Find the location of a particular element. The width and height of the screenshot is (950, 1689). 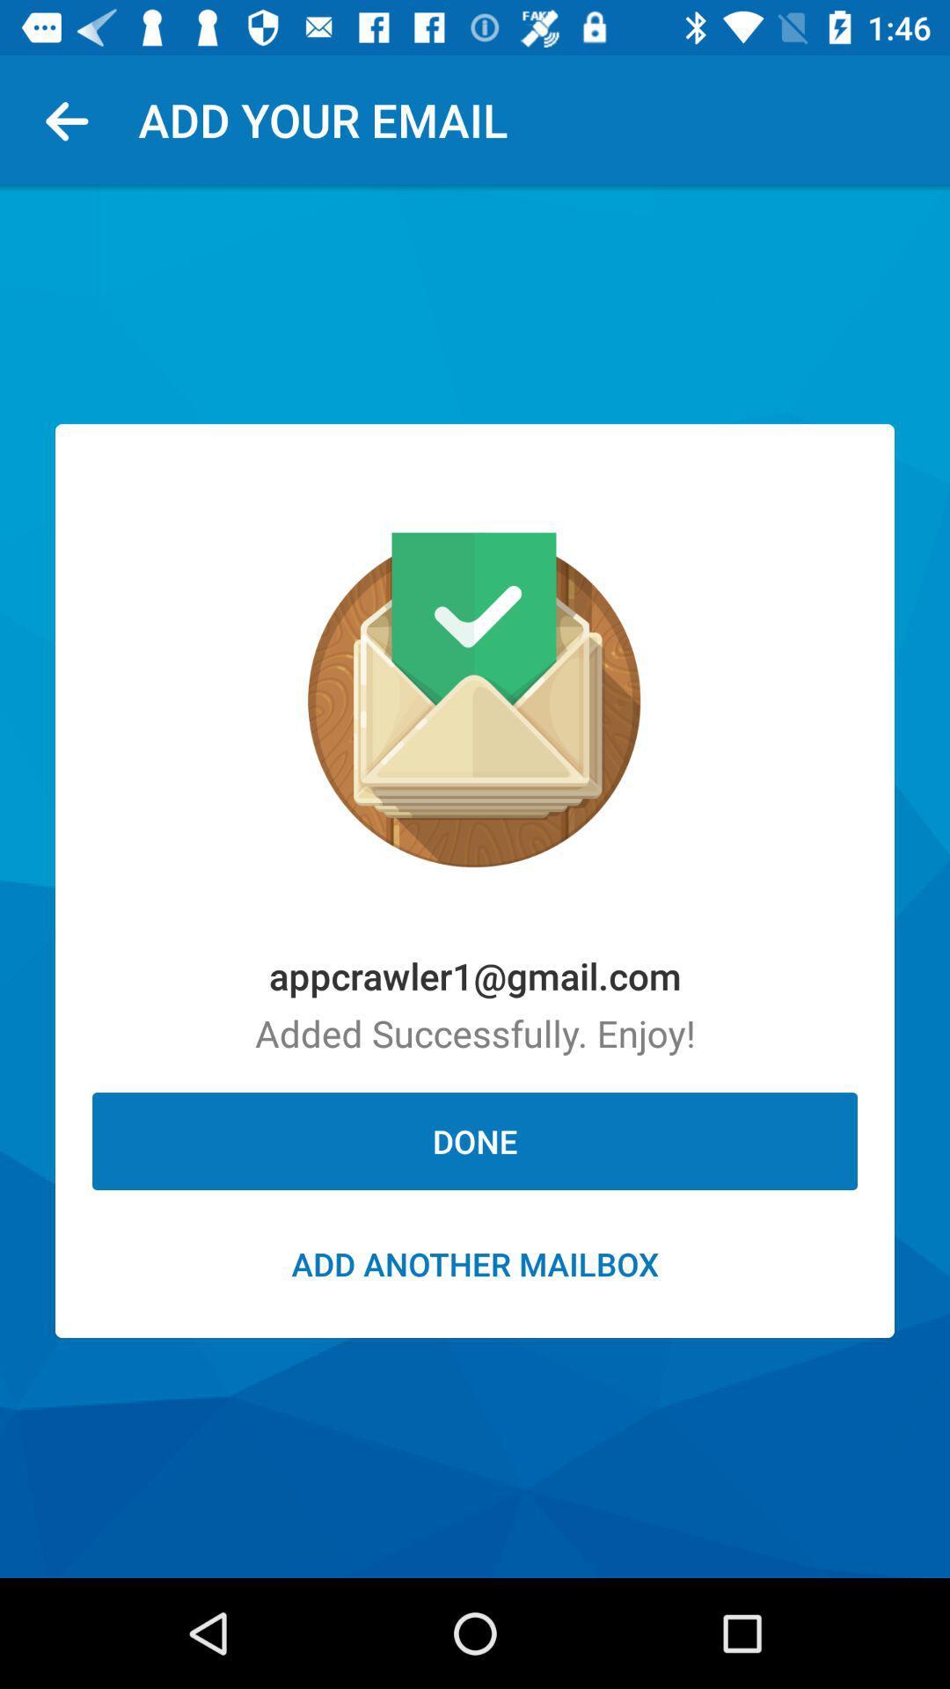

icon below added successfully. enjoy! icon is located at coordinates (475, 1141).